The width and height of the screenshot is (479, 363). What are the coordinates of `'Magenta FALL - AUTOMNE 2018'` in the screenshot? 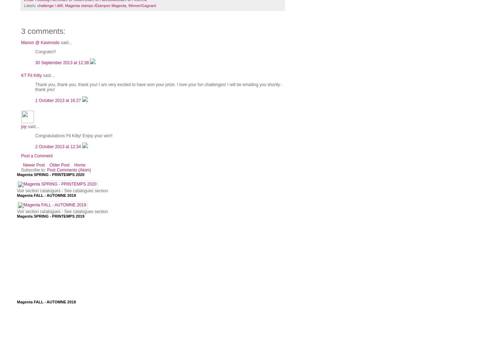 It's located at (46, 301).